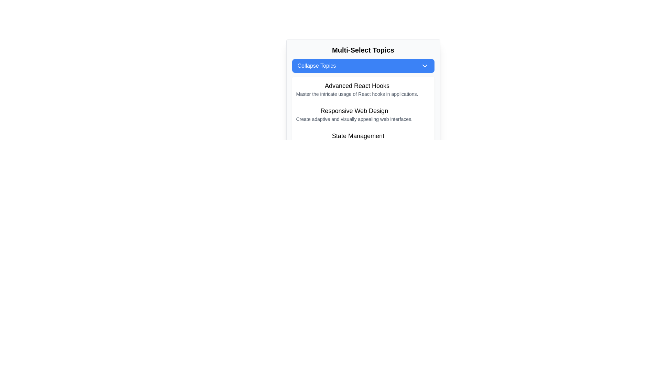 The width and height of the screenshot is (660, 371). What do you see at coordinates (424, 66) in the screenshot?
I see `the icon at the far-right end of the blue rounded 'Collapse Topics' button, indicating it can be interacted with to expand or collapse content` at bounding box center [424, 66].